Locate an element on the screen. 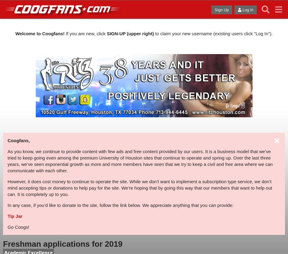 This screenshot has width=288, height=254. 'Go Coogs!' is located at coordinates (18, 226).